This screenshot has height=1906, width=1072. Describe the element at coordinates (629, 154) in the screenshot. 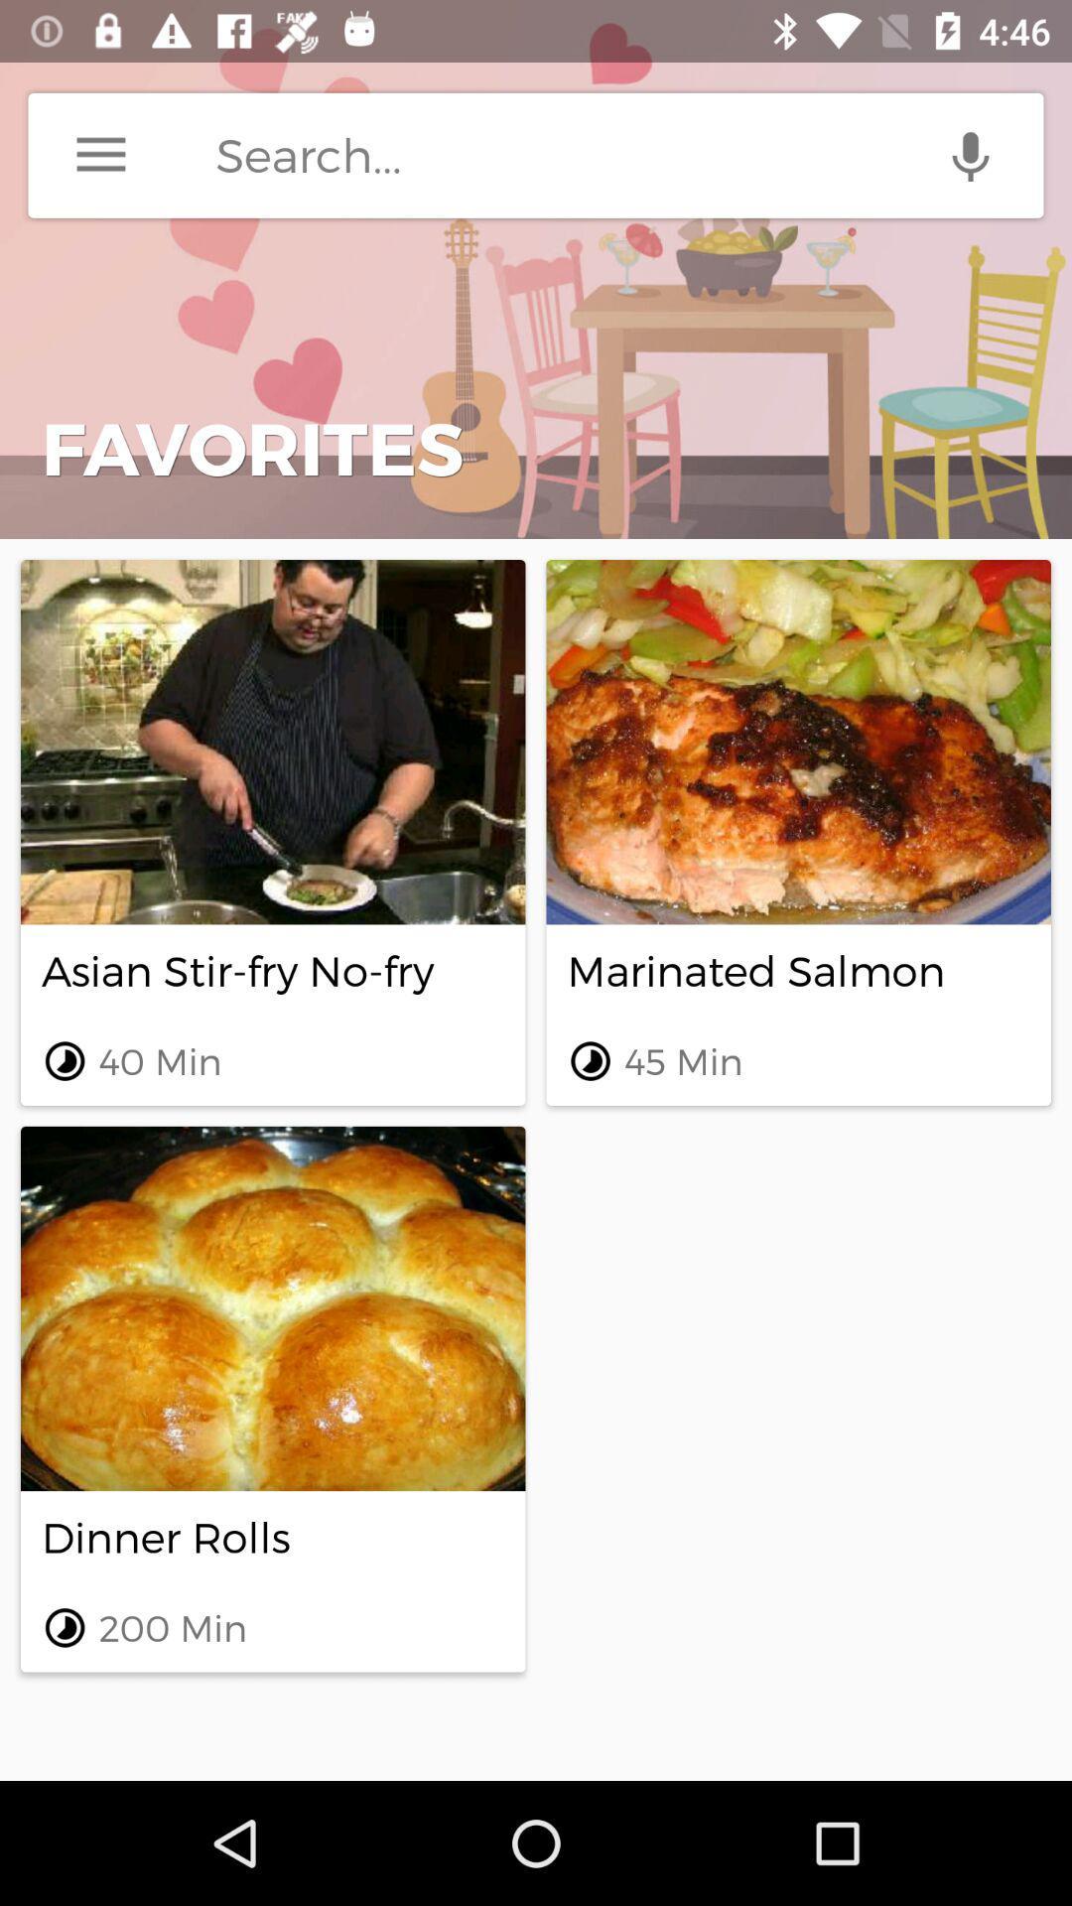

I see `search terms` at that location.